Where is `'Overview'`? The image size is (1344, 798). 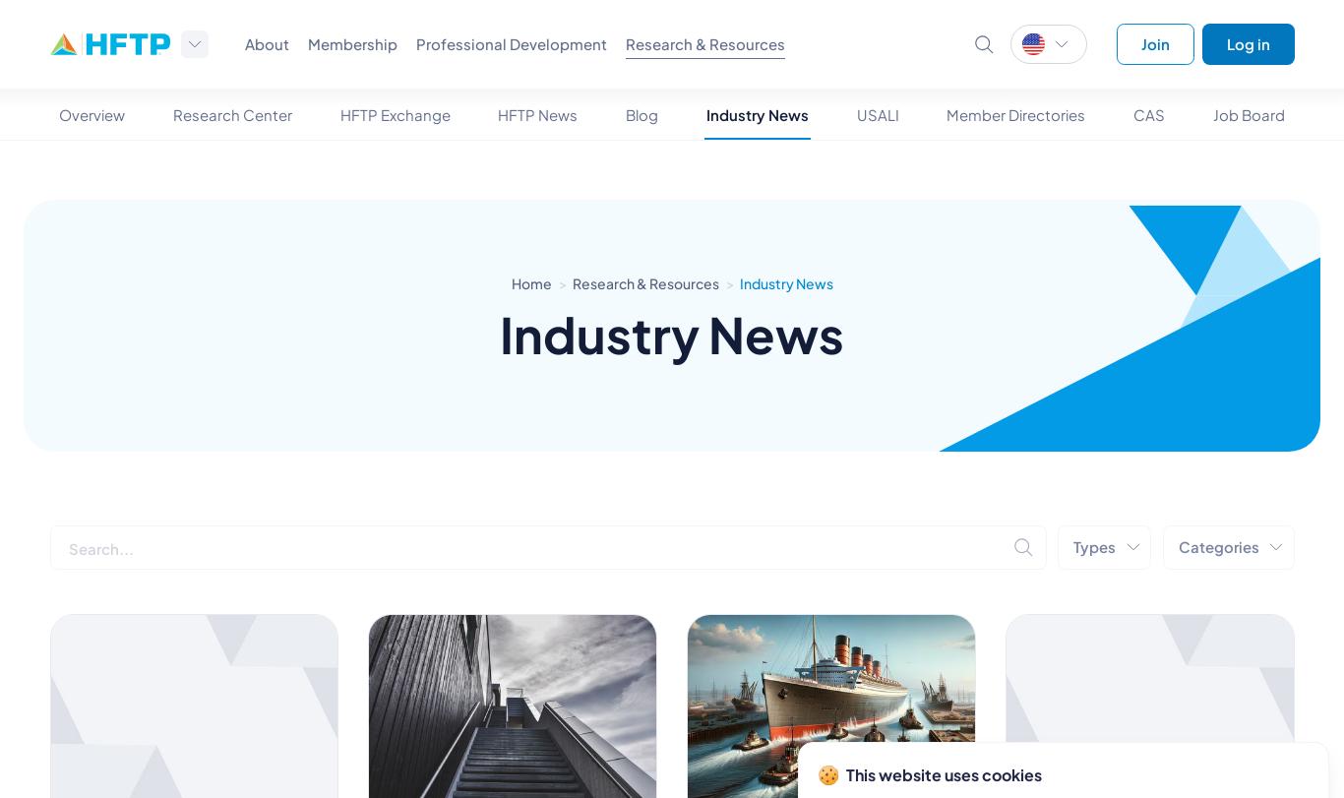 'Overview' is located at coordinates (92, 114).